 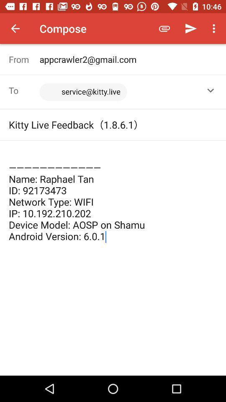 I want to click on icon next to compose icon, so click(x=15, y=28).